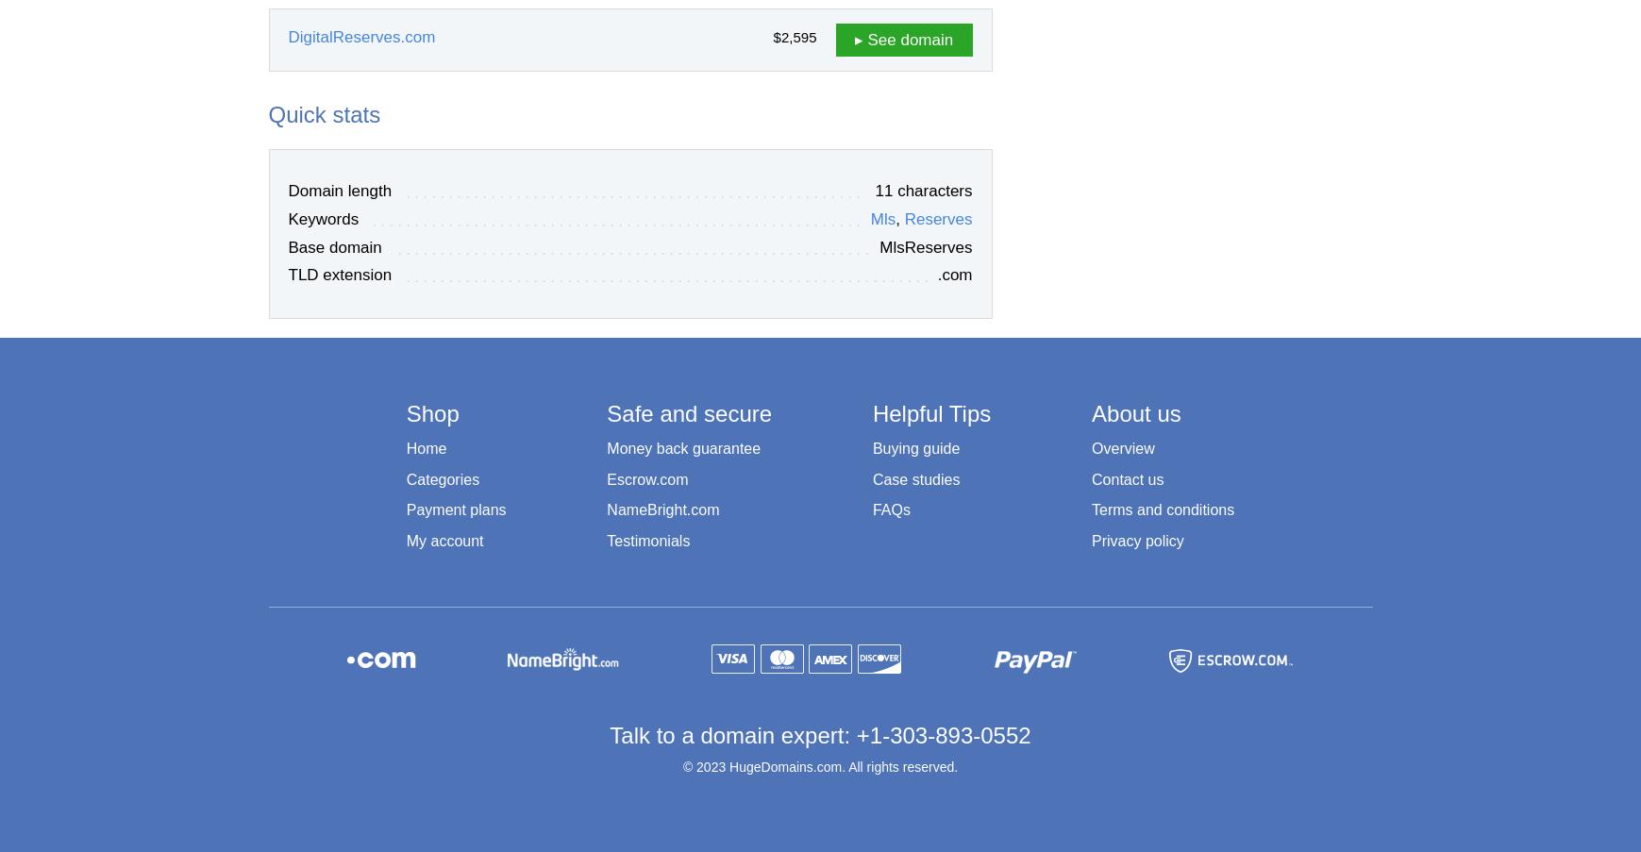 This screenshot has width=1641, height=852. Describe the element at coordinates (646, 478) in the screenshot. I see `'Escrow.com'` at that location.